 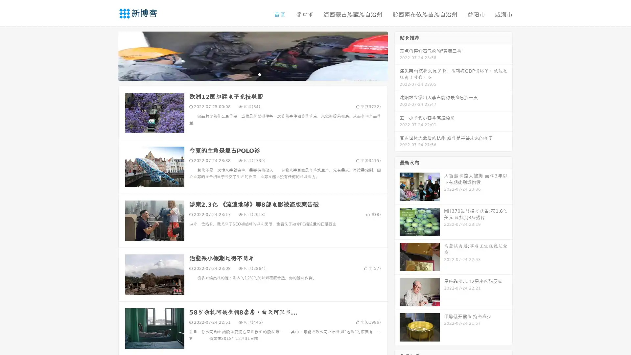 What do you see at coordinates (397, 55) in the screenshot?
I see `Next slide` at bounding box center [397, 55].